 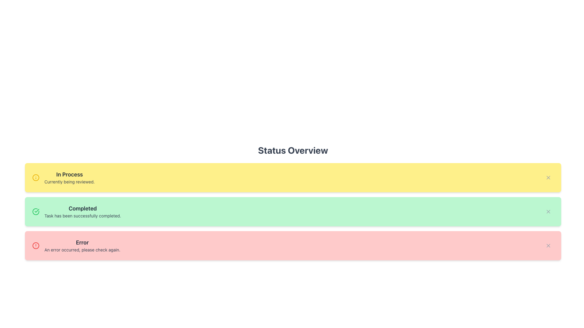 I want to click on the status indicator label that conveys the current state of a process, located at the top of the first status card in a set of three horizontally-aligned cards, so click(x=69, y=174).